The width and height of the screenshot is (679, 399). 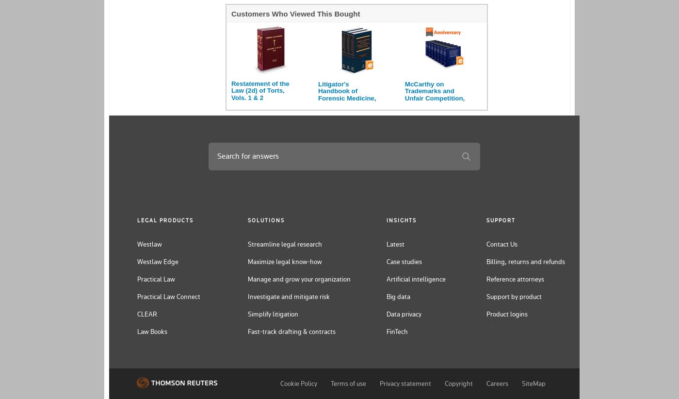 What do you see at coordinates (137, 331) in the screenshot?
I see `'Law Books'` at bounding box center [137, 331].